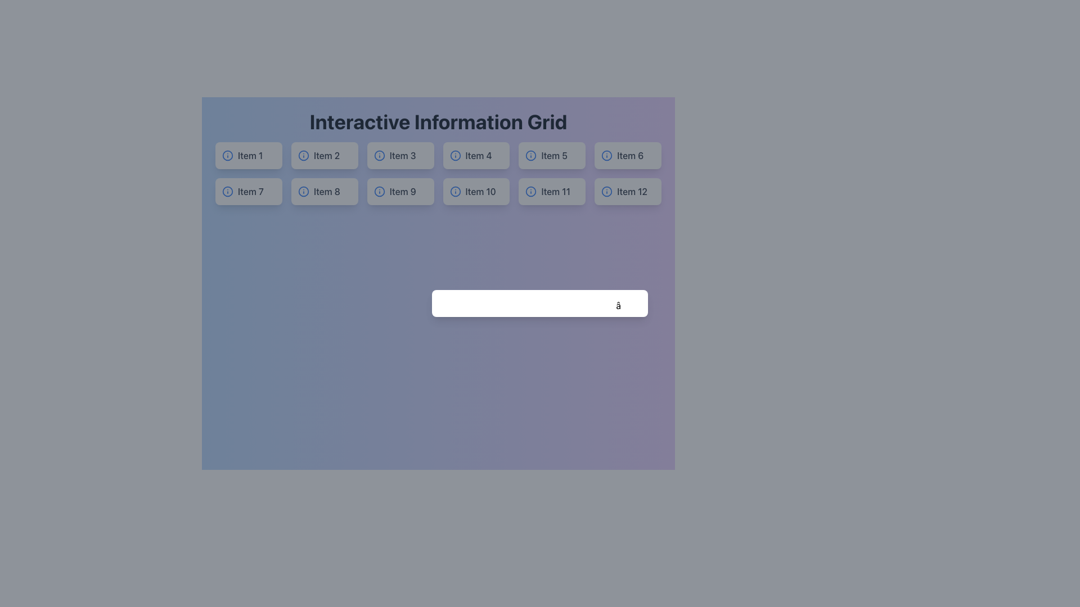 The height and width of the screenshot is (607, 1080). Describe the element at coordinates (455, 156) in the screenshot. I see `the informational icon associated with 'Item 4' to trigger a tooltip` at that location.